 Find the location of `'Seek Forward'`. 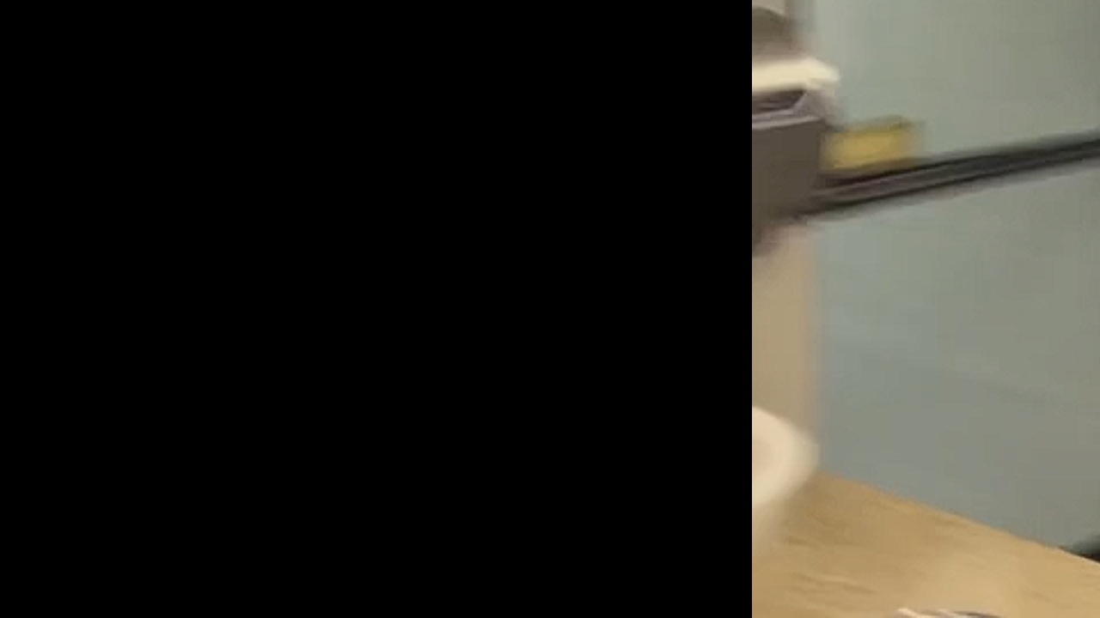

'Seek Forward' is located at coordinates (94, 597).